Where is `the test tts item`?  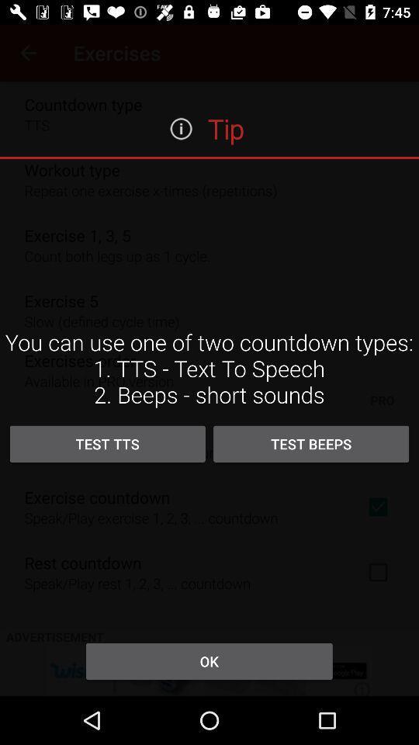
the test tts item is located at coordinates (106, 444).